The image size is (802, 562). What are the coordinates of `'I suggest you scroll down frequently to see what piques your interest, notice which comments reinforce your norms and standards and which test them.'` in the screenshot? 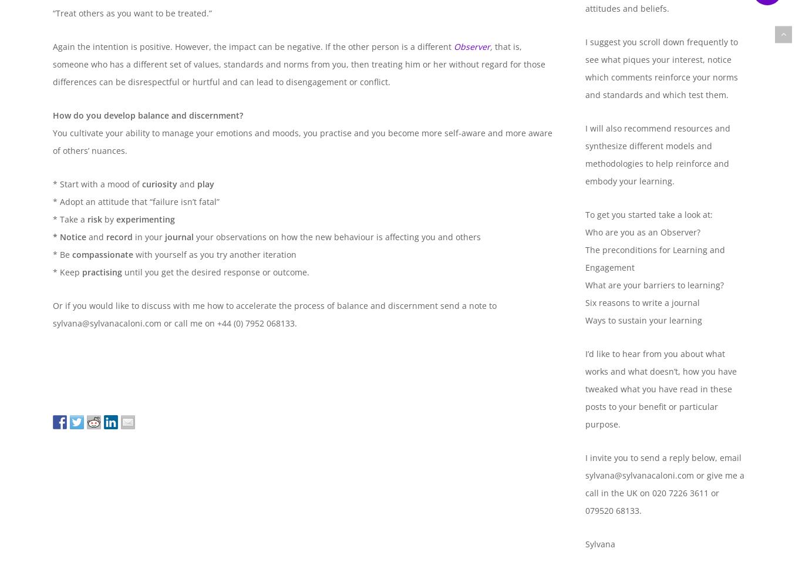 It's located at (661, 68).